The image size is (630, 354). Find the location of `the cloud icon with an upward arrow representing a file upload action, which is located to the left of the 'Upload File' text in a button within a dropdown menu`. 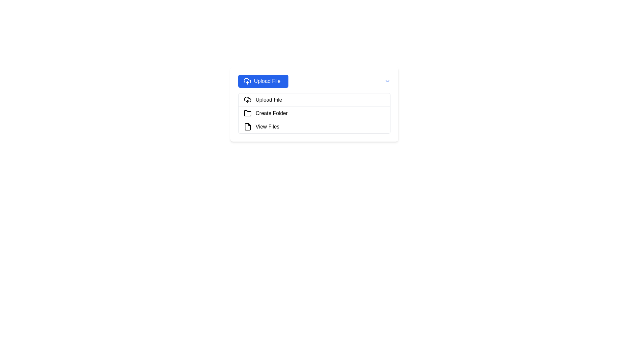

the cloud icon with an upward arrow representing a file upload action, which is located to the left of the 'Upload File' text in a button within a dropdown menu is located at coordinates (247, 81).